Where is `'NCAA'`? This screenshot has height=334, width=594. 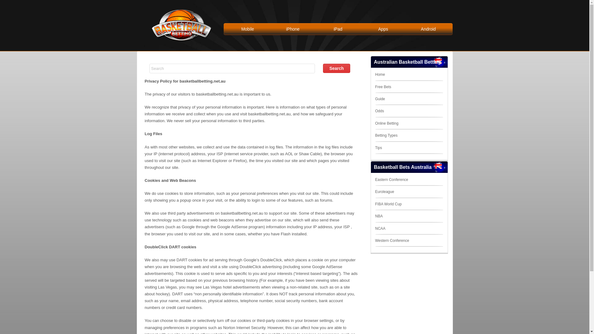 'NCAA' is located at coordinates (374, 229).